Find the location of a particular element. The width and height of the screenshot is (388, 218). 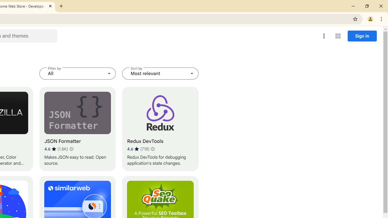

'Redux DevTools' is located at coordinates (160, 129).